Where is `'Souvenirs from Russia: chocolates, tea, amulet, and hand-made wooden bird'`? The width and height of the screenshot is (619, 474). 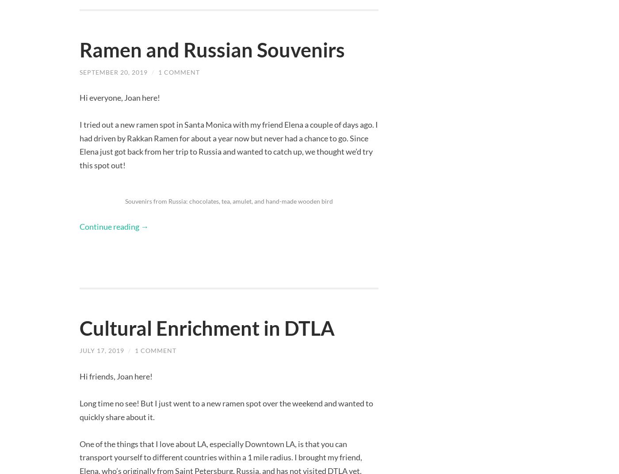
'Souvenirs from Russia: chocolates, tea, amulet, and hand-made wooden bird' is located at coordinates (229, 201).